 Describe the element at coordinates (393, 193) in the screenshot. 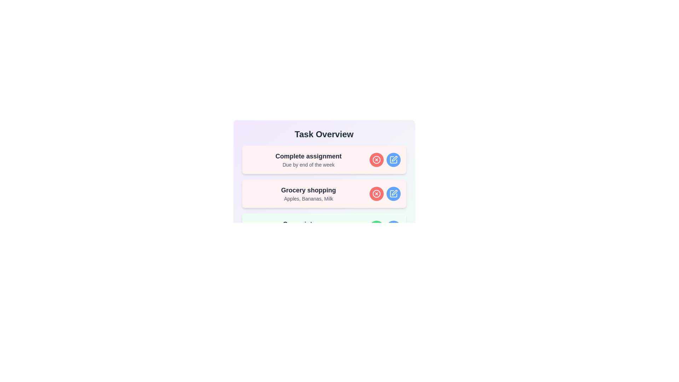

I see `the edit button for the task 'Grocery shopping'` at that location.